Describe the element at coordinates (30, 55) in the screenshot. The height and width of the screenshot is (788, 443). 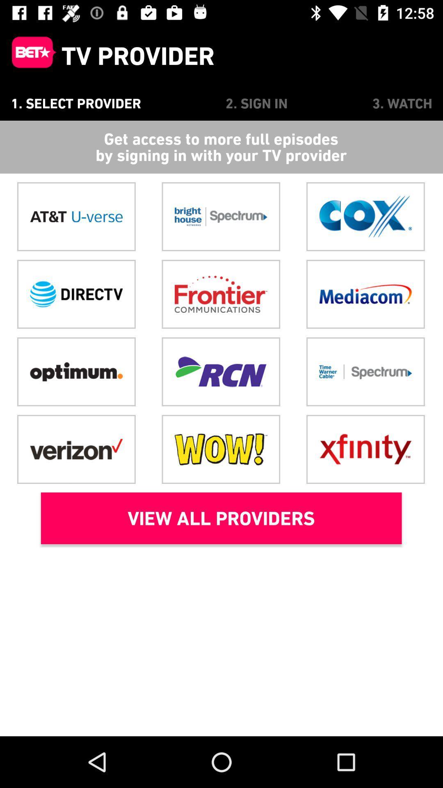
I see `icon above the 1. select provider item` at that location.